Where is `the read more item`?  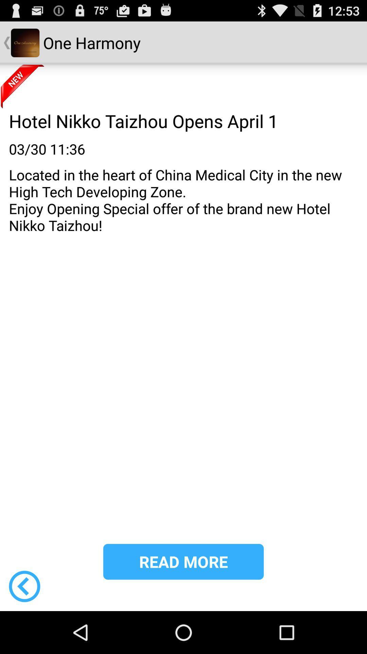
the read more item is located at coordinates (183, 562).